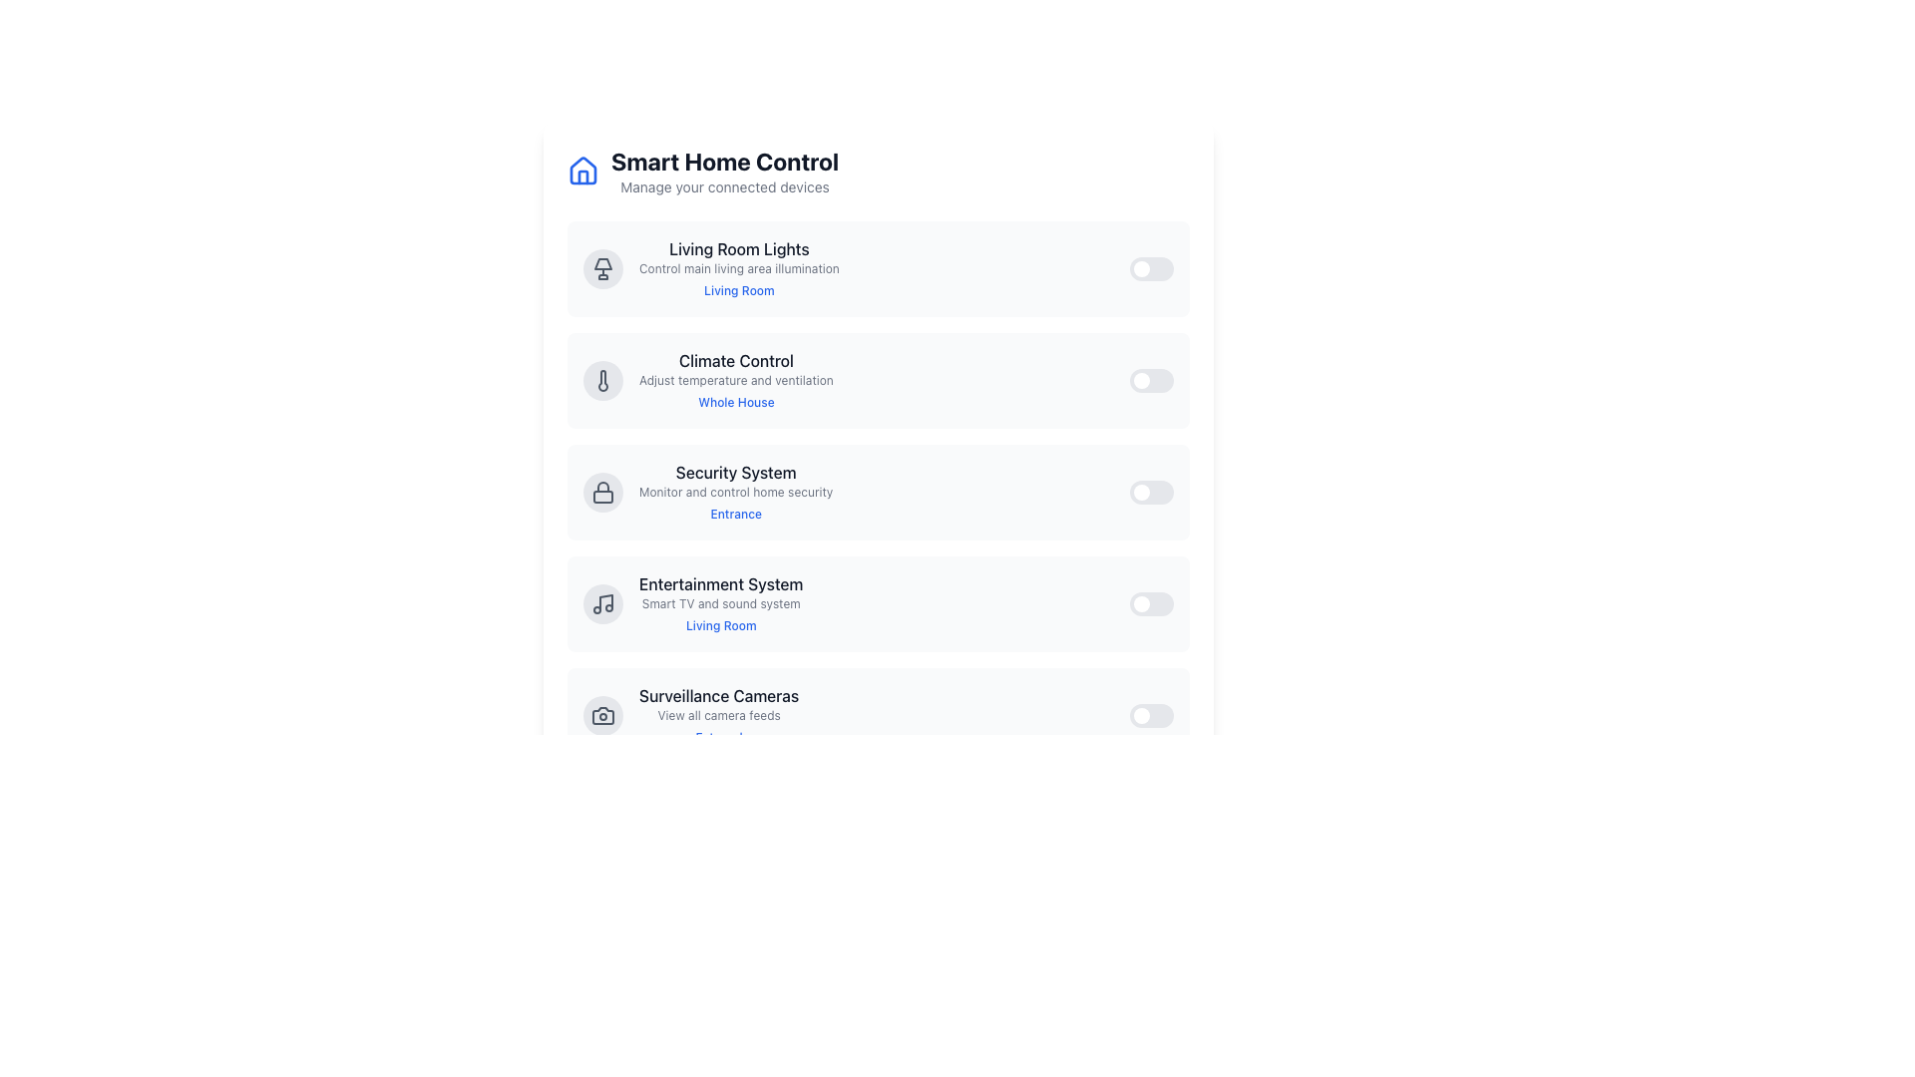 This screenshot has width=1915, height=1077. I want to click on the 'Smart Home Control' header element, which indicates the section for managing connected devices, so click(724, 161).